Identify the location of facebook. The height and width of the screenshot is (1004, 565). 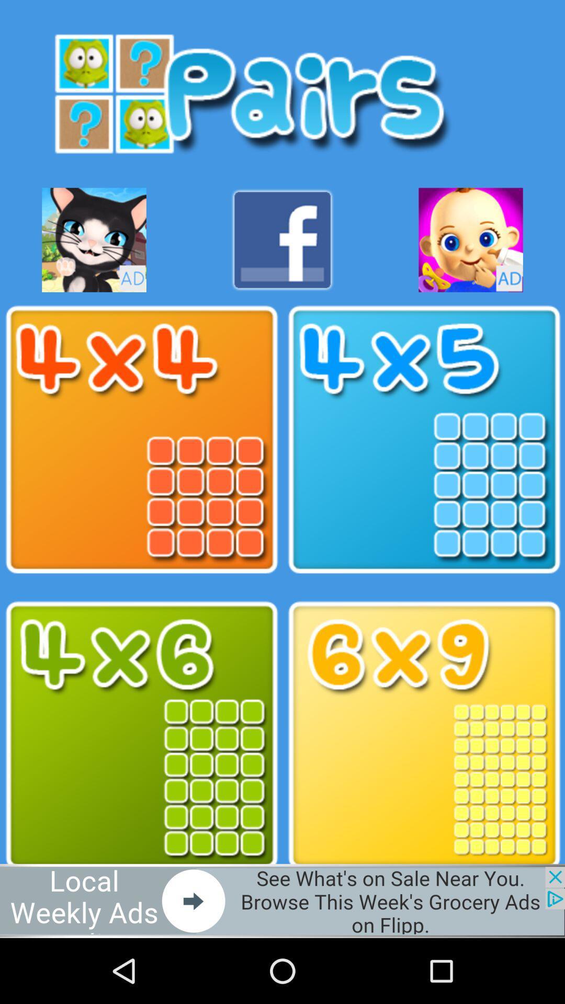
(282, 239).